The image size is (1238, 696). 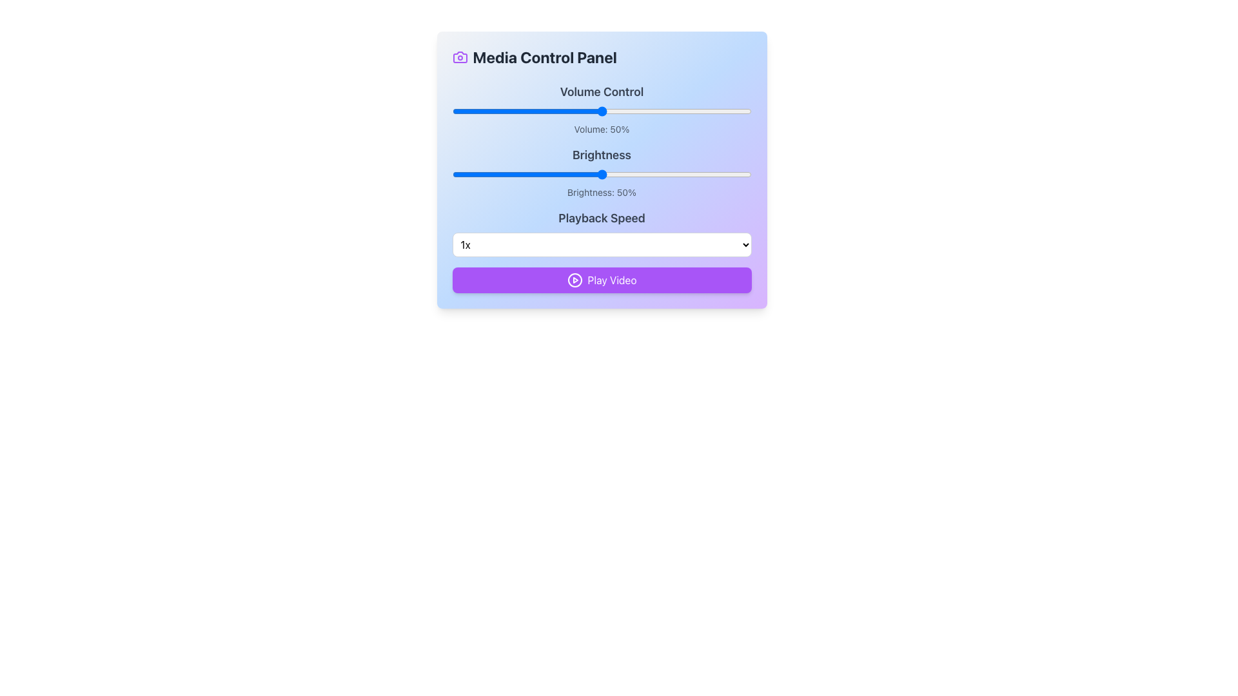 I want to click on brightness, so click(x=499, y=174).